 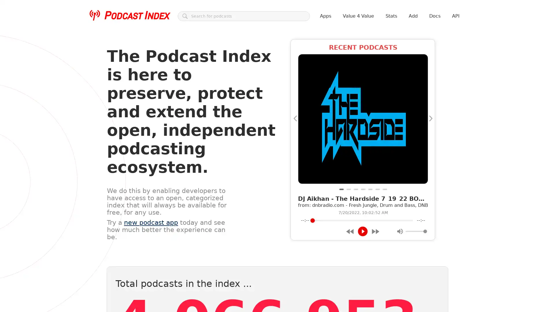 What do you see at coordinates (370, 189) in the screenshot?
I see `004: He Knows!` at bounding box center [370, 189].